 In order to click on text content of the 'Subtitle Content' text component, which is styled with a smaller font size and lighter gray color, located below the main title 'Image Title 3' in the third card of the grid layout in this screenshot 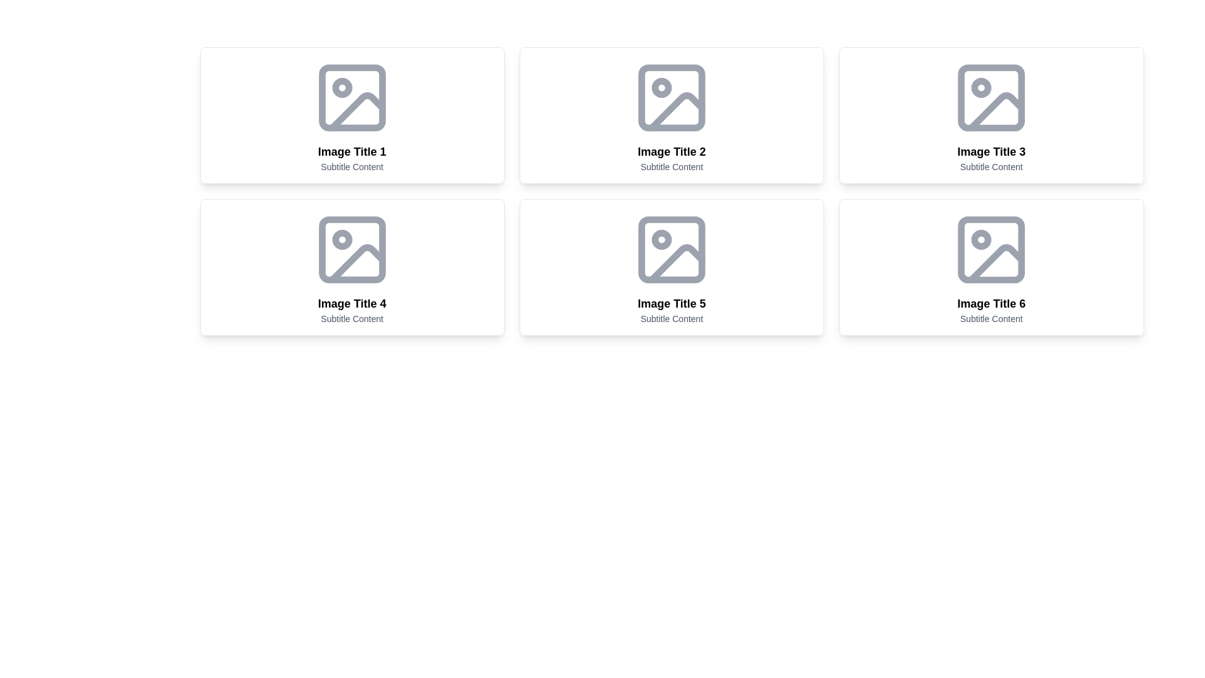, I will do `click(990, 166)`.